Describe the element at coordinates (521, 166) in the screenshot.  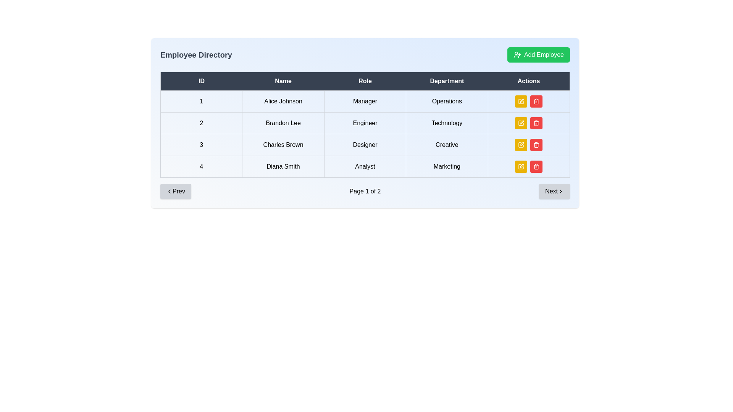
I see `the 'Edit' button icon located in the last row of the table under the 'Actions' column for the entry corresponding to 'Diana Smith' to initiate editing` at that location.